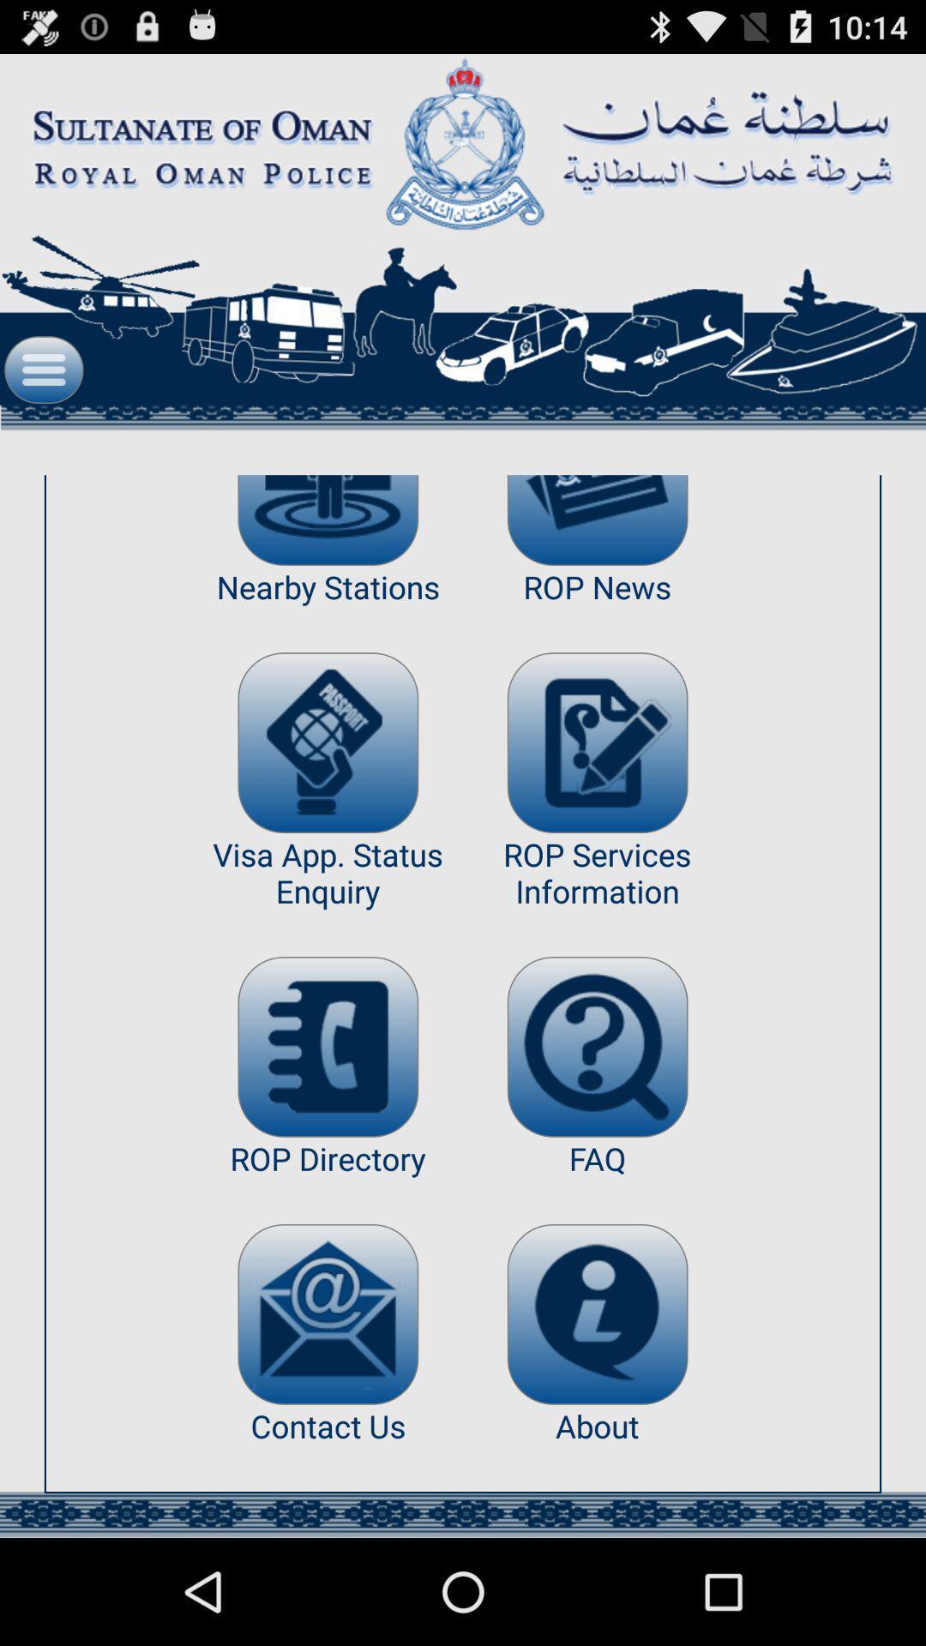 This screenshot has height=1646, width=926. I want to click on news, so click(597, 520).